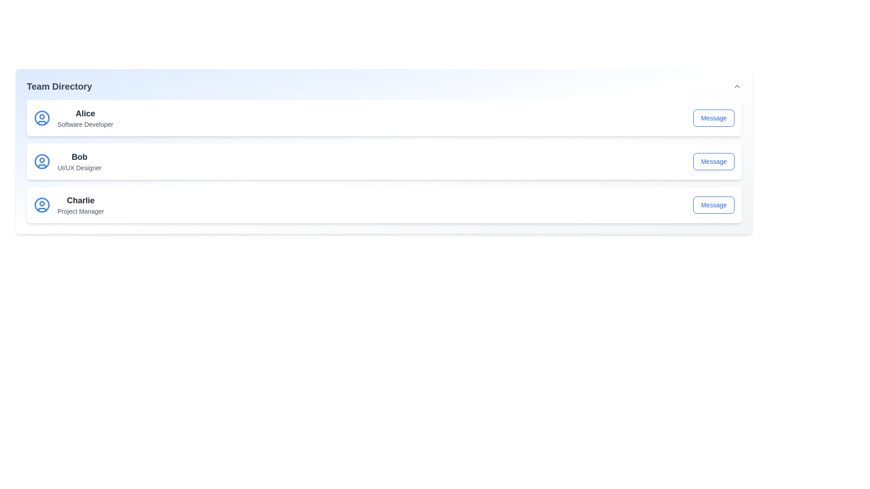 Image resolution: width=870 pixels, height=489 pixels. What do you see at coordinates (41, 118) in the screenshot?
I see `the Avatar Icon representing user profile 'Alice', located to the left of the name 'Alice' and above the description 'Software Developer'` at bounding box center [41, 118].